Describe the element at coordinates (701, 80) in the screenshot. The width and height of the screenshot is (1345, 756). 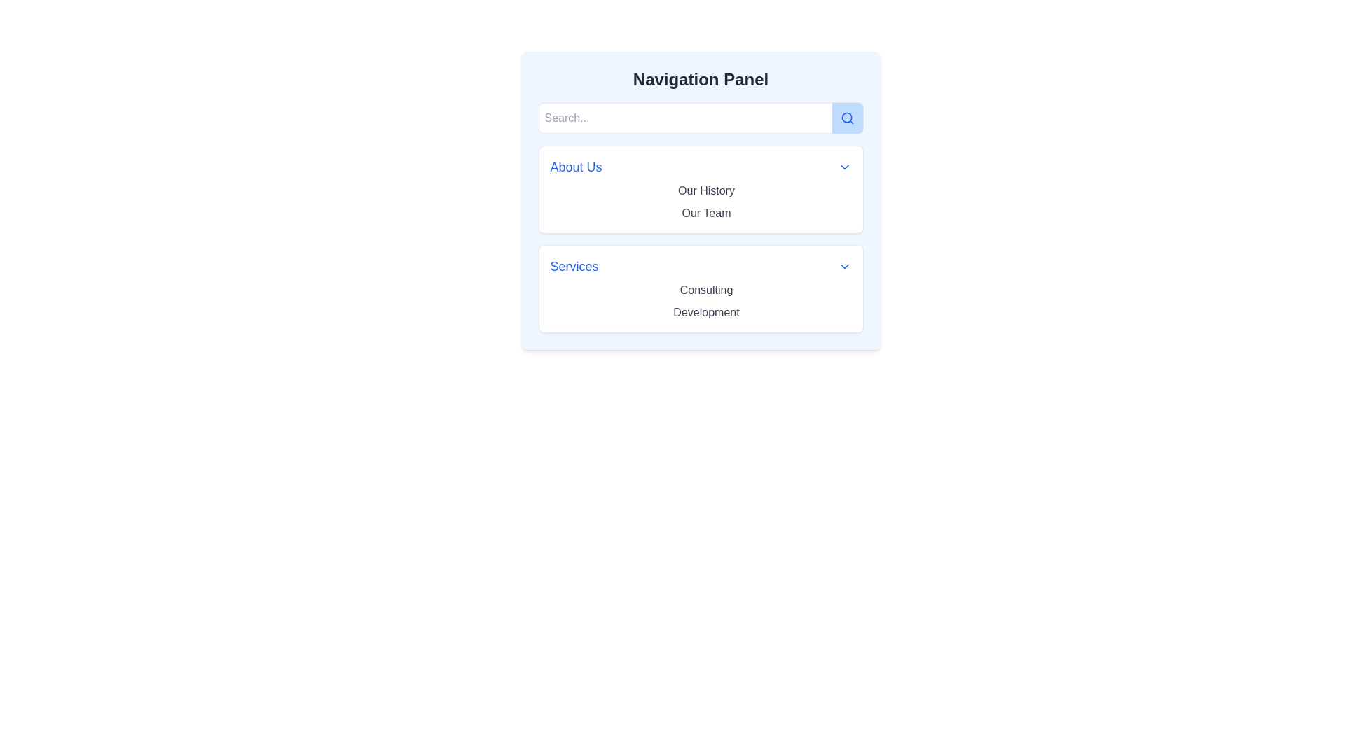
I see `the bold text header labeled 'Navigation Panel' that is centrally aligned at the top of a card-like area` at that location.